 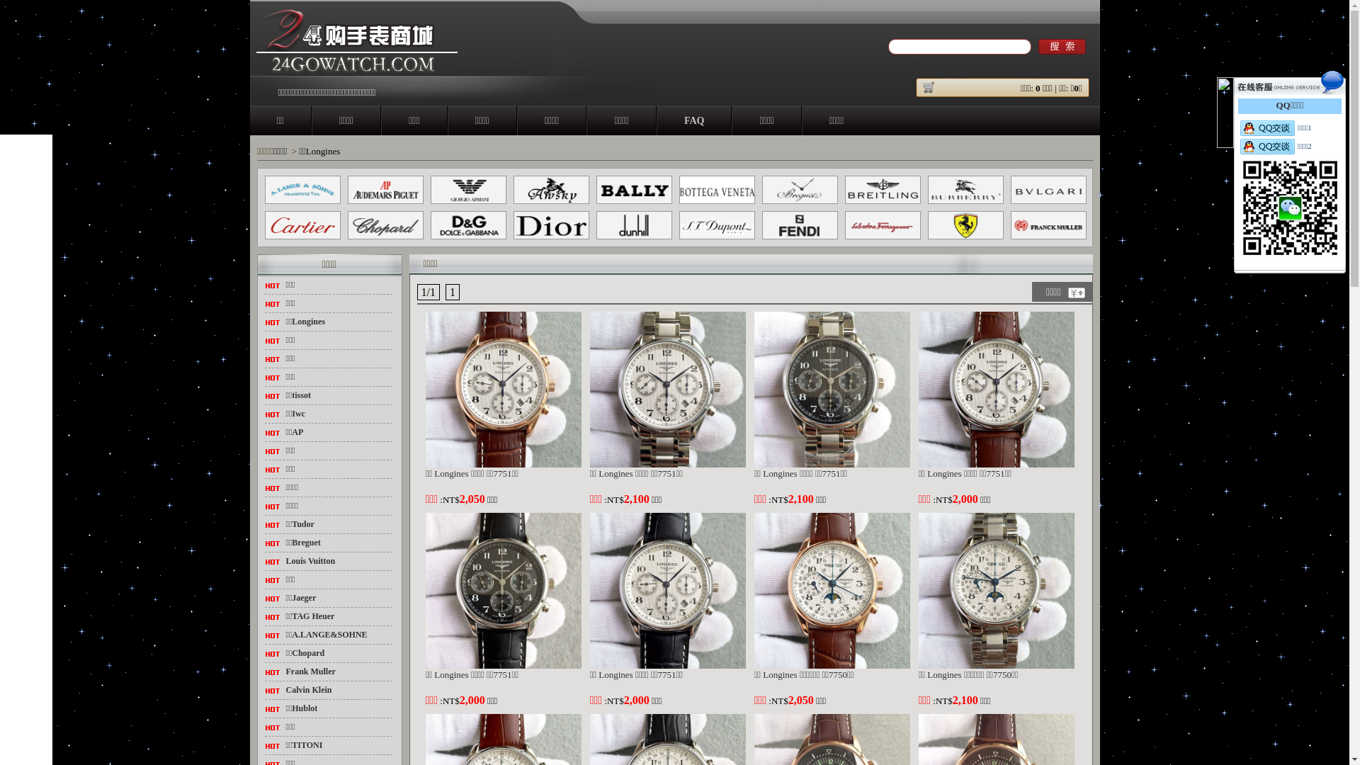 What do you see at coordinates (1038, 45) in the screenshot?
I see `'search'` at bounding box center [1038, 45].